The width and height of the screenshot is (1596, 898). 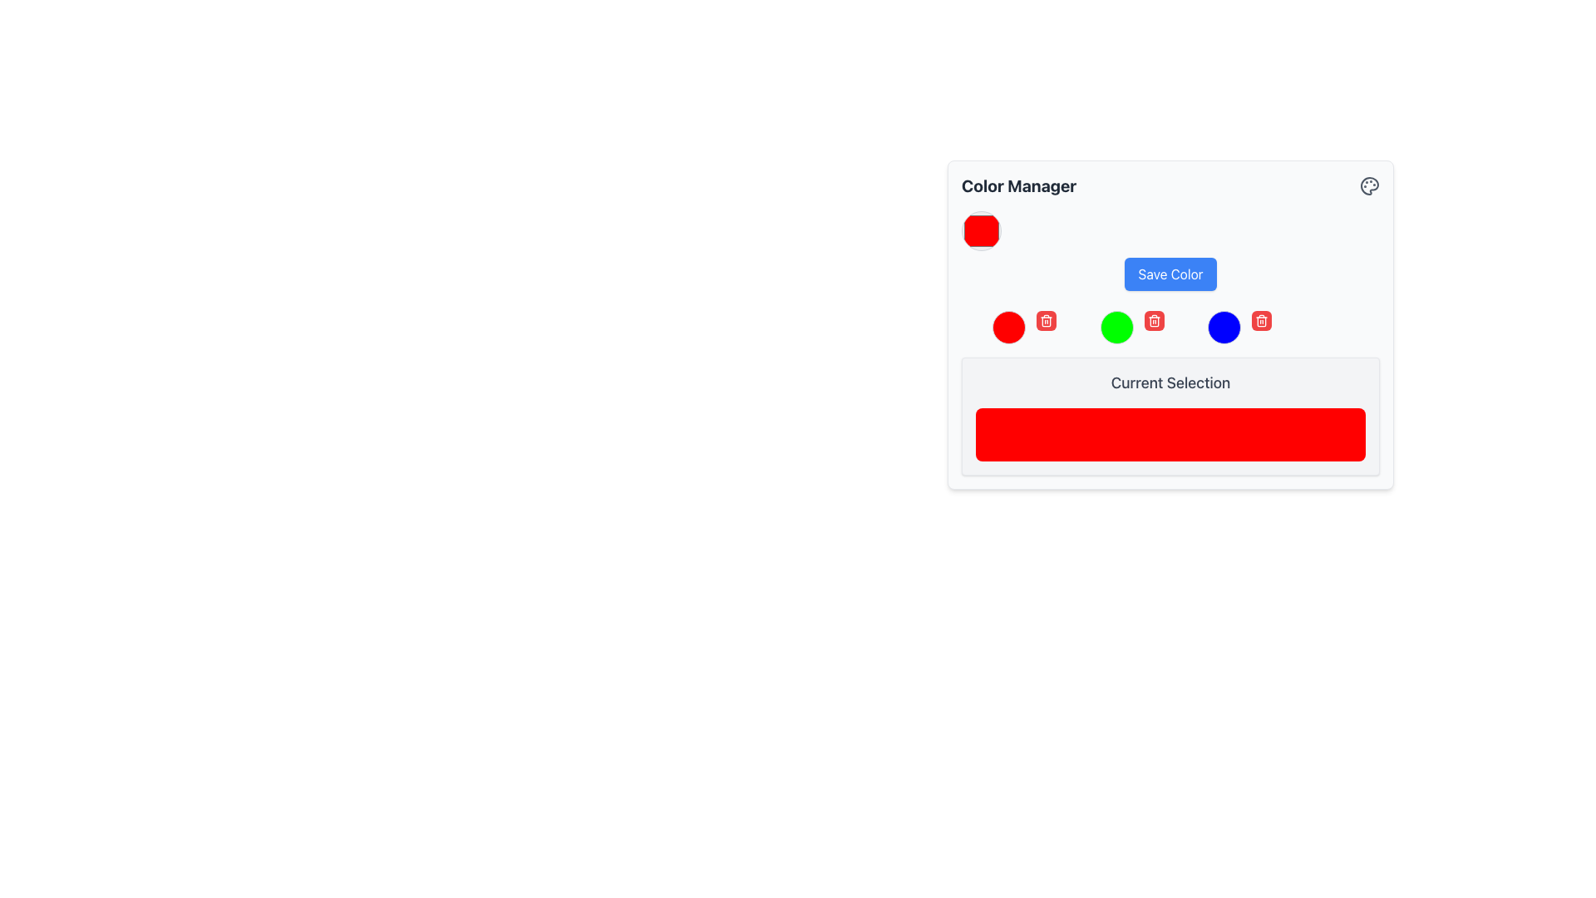 What do you see at coordinates (1045, 320) in the screenshot?
I see `the trash can icon button on a red background` at bounding box center [1045, 320].